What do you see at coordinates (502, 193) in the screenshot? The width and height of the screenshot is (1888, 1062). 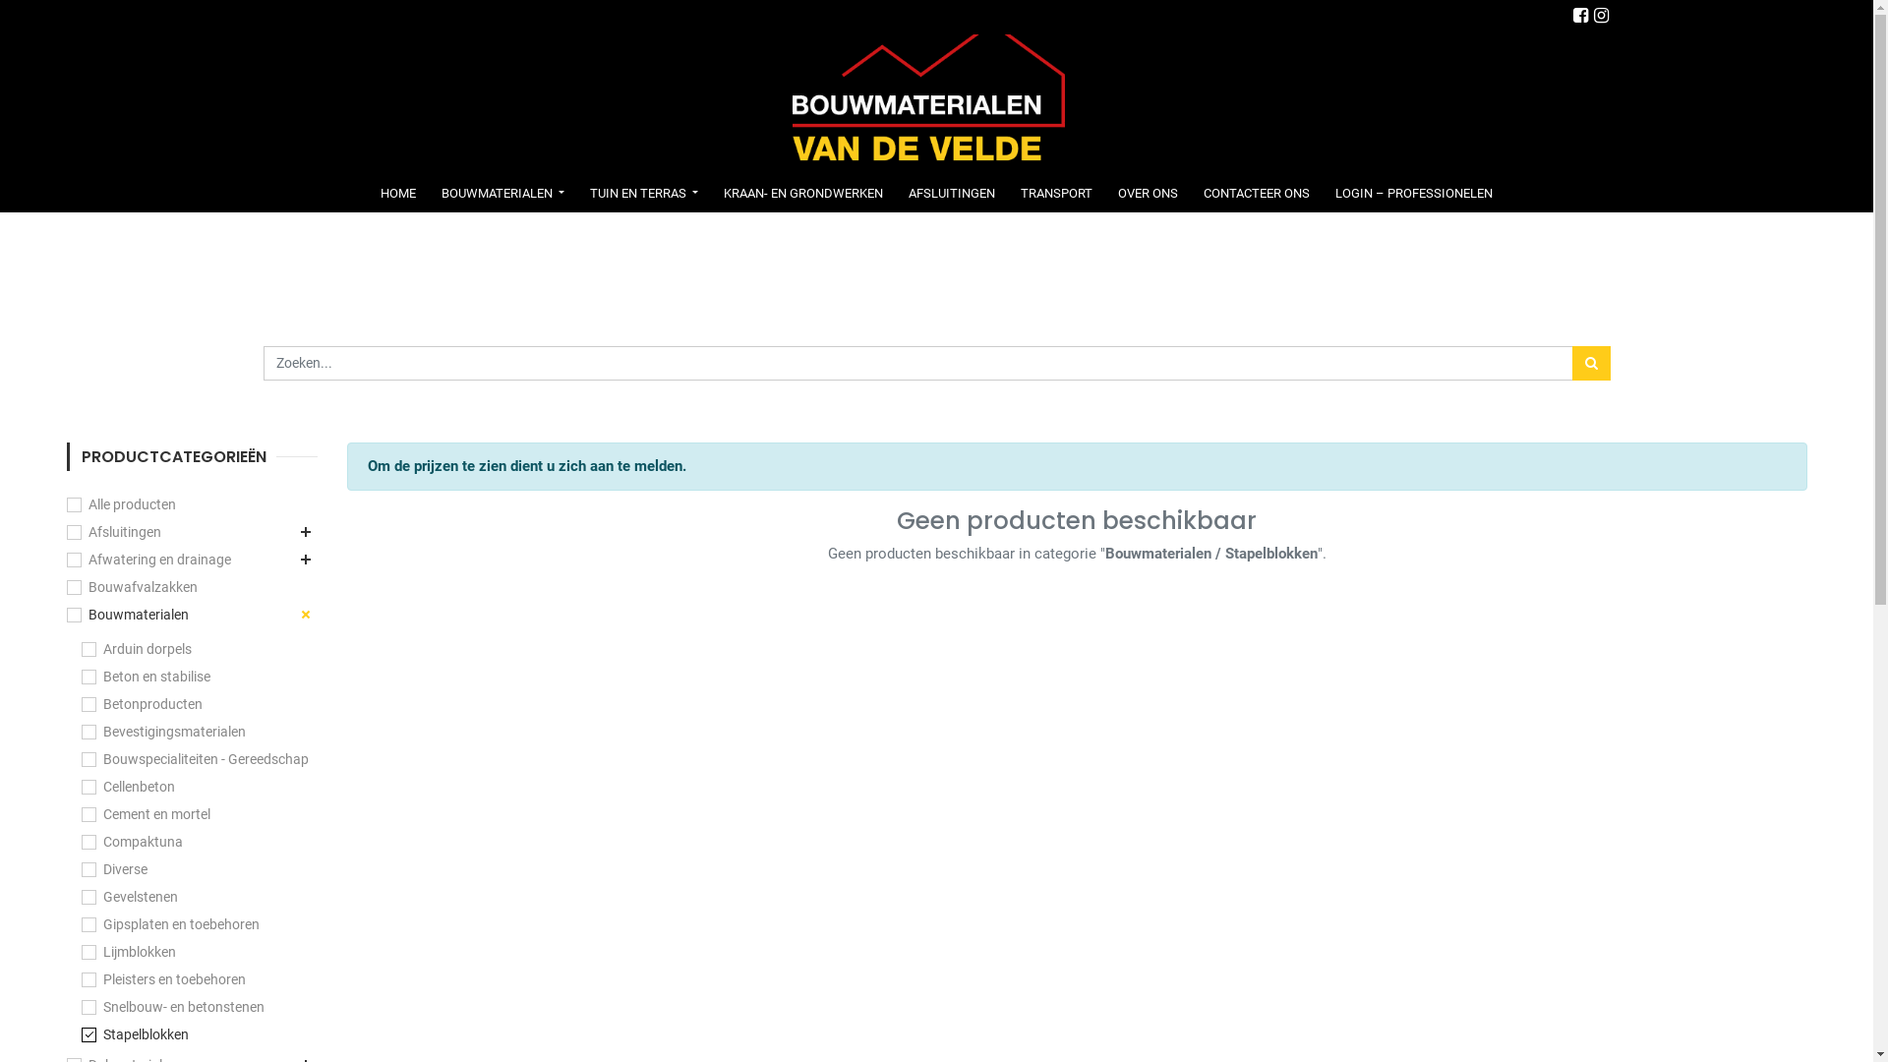 I see `'BOUWMATERIALEN'` at bounding box center [502, 193].